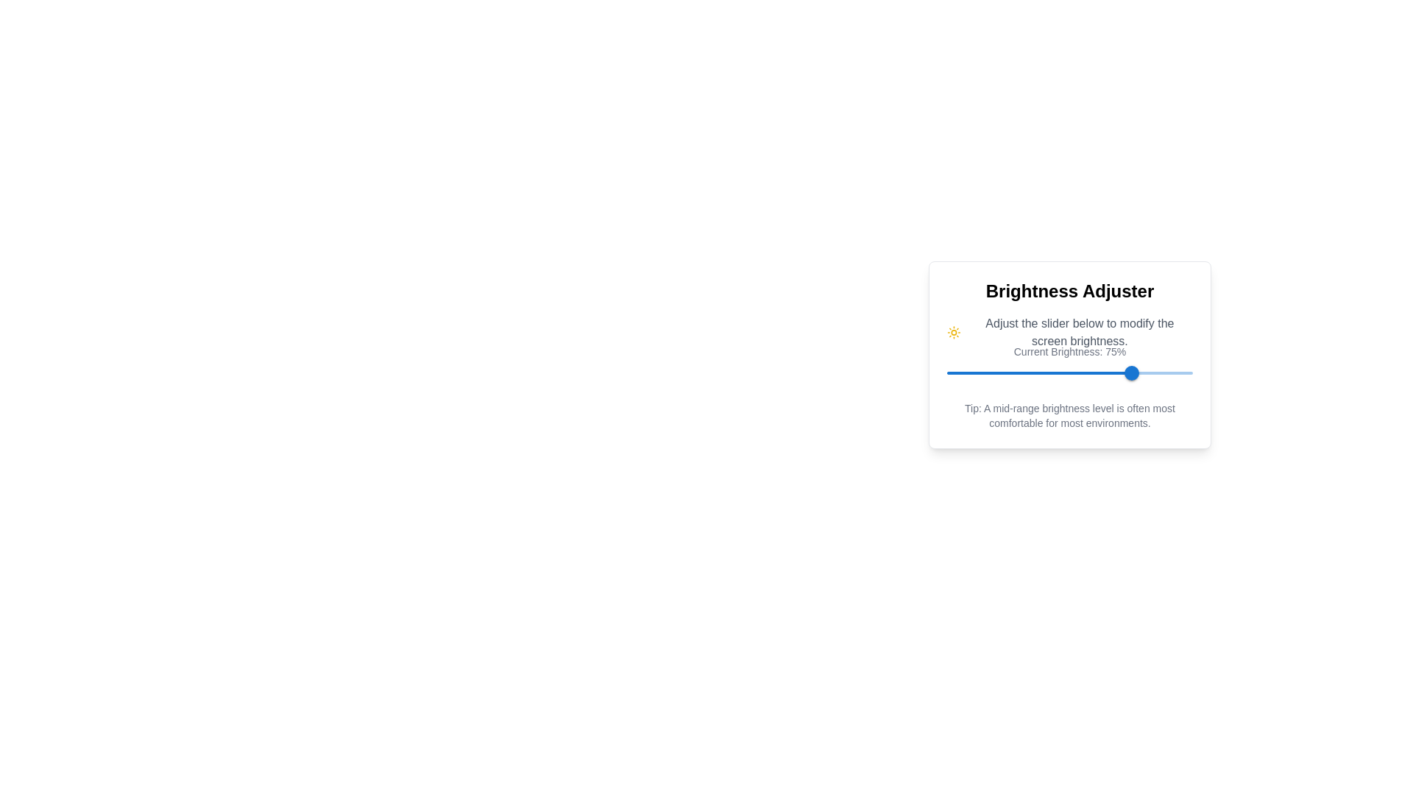  What do you see at coordinates (966, 372) in the screenshot?
I see `brightness level` at bounding box center [966, 372].